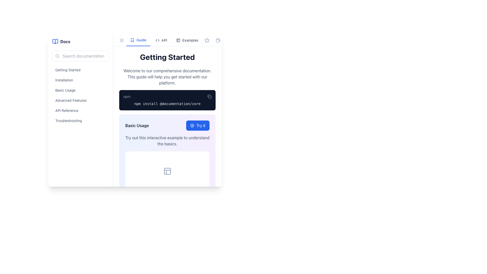 The image size is (487, 274). What do you see at coordinates (80, 95) in the screenshot?
I see `the 'Advanced Features' item in the sidebar menu list` at bounding box center [80, 95].